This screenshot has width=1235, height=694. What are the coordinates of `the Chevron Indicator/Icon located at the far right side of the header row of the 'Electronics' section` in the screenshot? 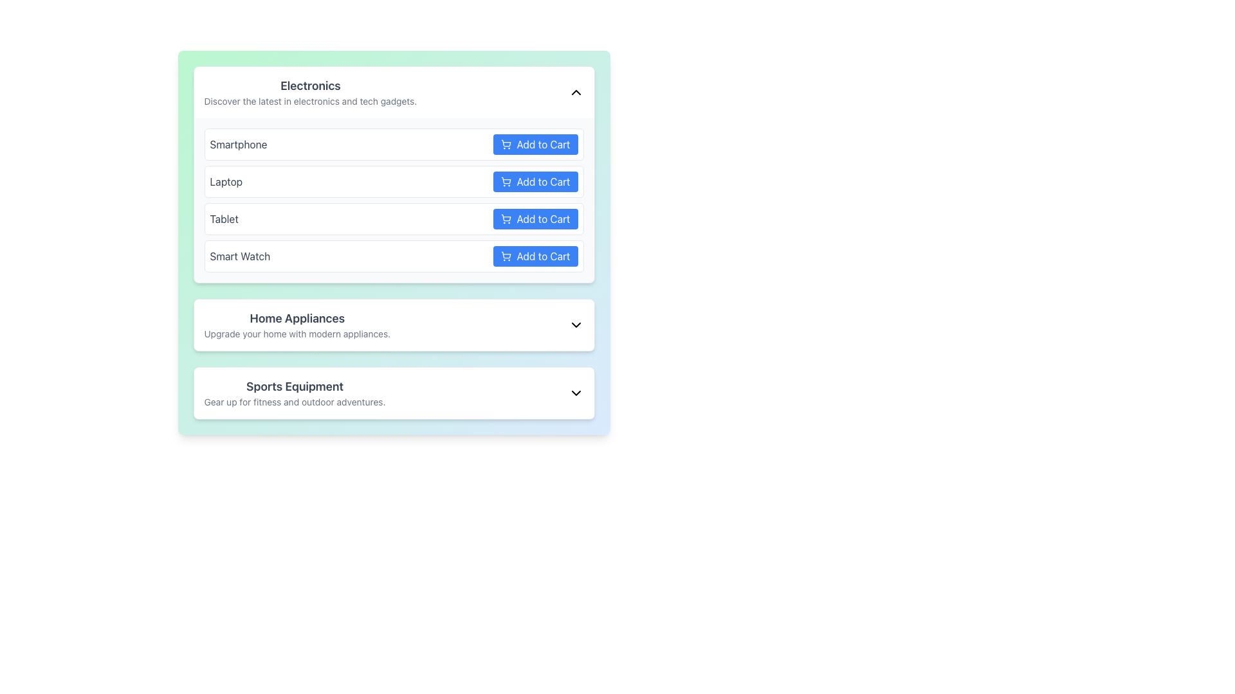 It's located at (575, 91).